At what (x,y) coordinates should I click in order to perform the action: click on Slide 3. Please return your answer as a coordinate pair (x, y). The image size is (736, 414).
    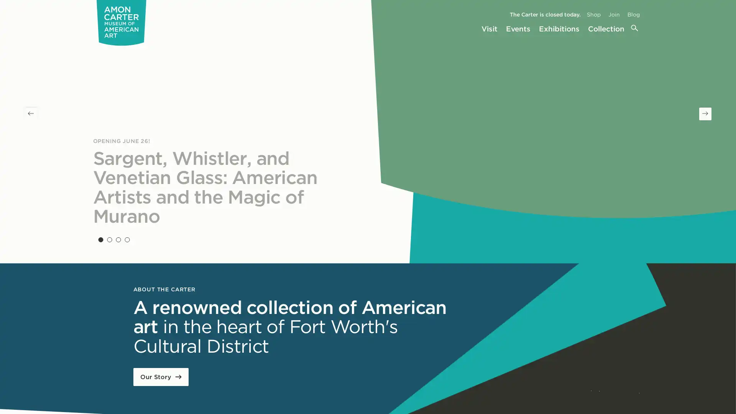
    Looking at the image, I should click on (118, 239).